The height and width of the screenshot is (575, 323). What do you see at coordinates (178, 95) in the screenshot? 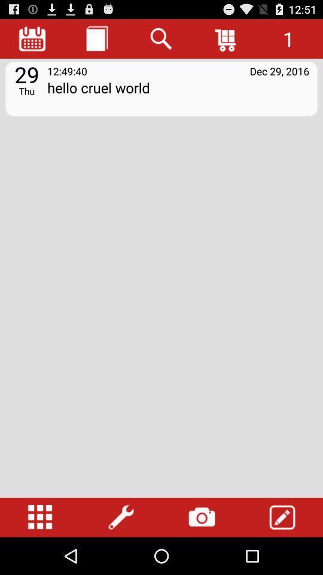
I see `icon next to 29 icon` at bounding box center [178, 95].